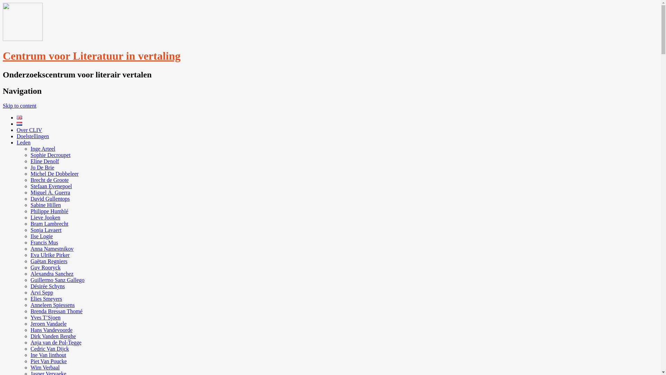 The width and height of the screenshot is (666, 375). Describe the element at coordinates (49, 180) in the screenshot. I see `'Brecht de Groote'` at that location.